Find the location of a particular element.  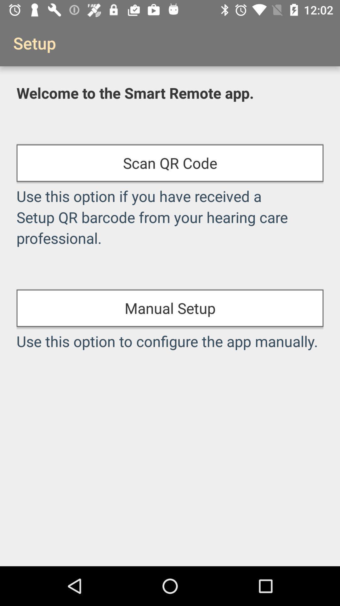

scan qr code is located at coordinates (170, 163).